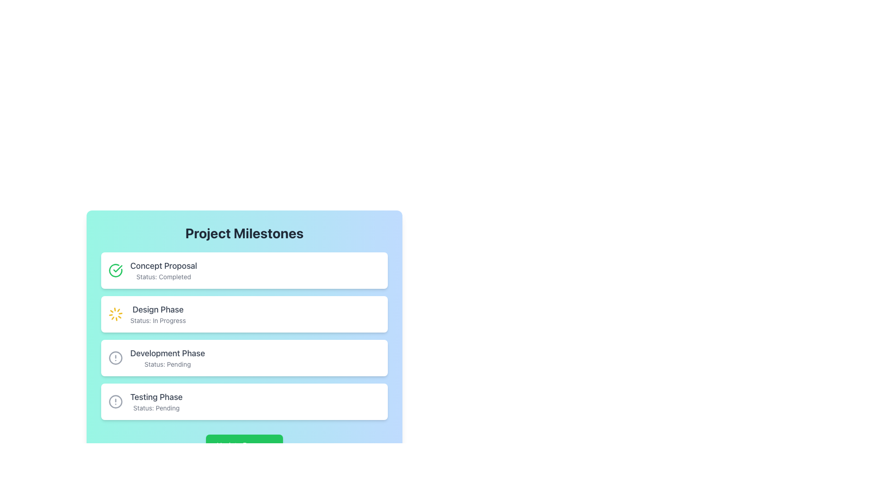  Describe the element at coordinates (115, 401) in the screenshot. I see `the circular icon with a gray outline and a warning alert symbol inside it, which is located to the left of the text 'Testing Phase' in the bottom-most card of the 'Project Milestones' panel` at that location.